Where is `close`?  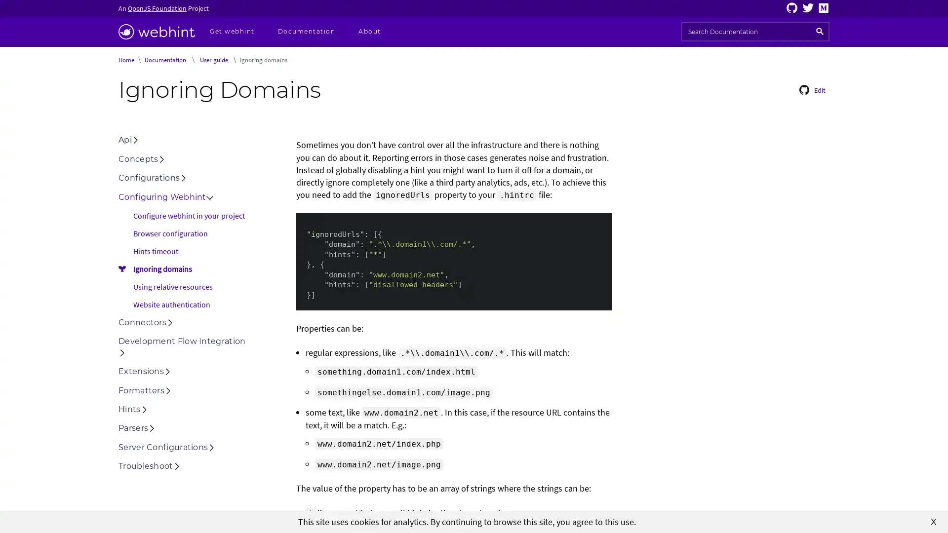 close is located at coordinates (933, 521).